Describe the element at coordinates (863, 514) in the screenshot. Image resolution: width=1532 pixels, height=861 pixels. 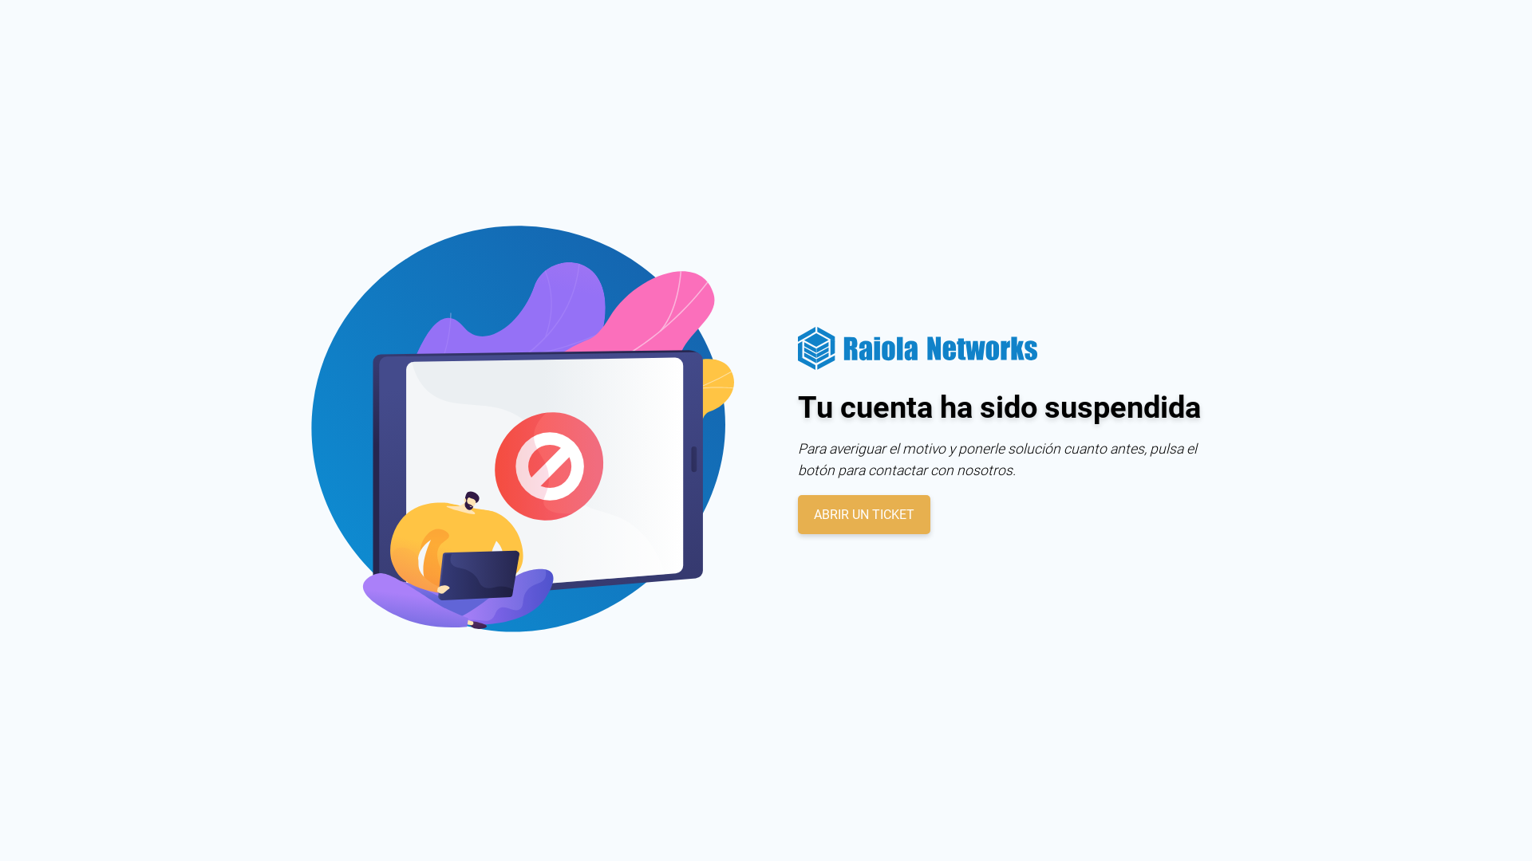
I see `'ABRIR UN TICKET'` at that location.